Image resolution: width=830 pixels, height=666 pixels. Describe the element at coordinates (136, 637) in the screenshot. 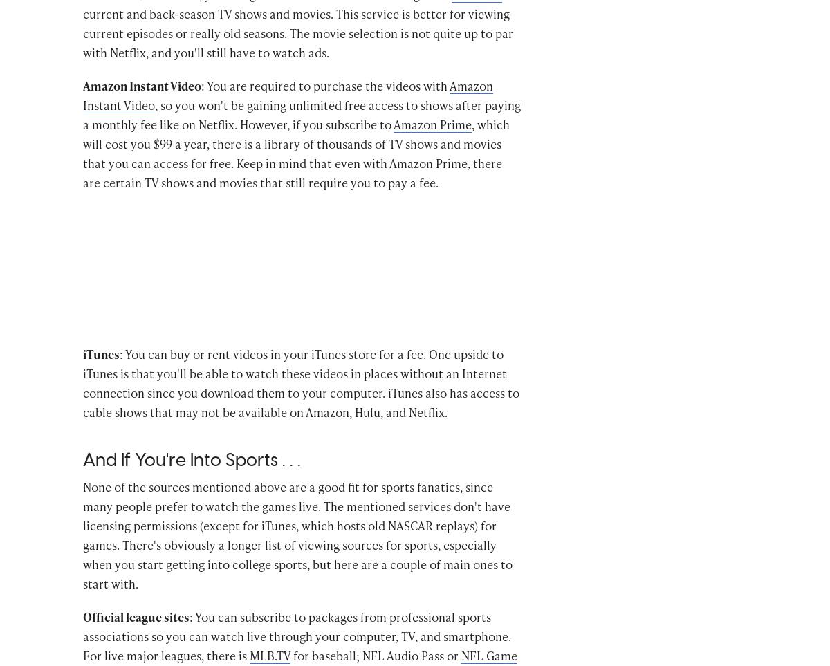

I see `'Official league sites'` at that location.